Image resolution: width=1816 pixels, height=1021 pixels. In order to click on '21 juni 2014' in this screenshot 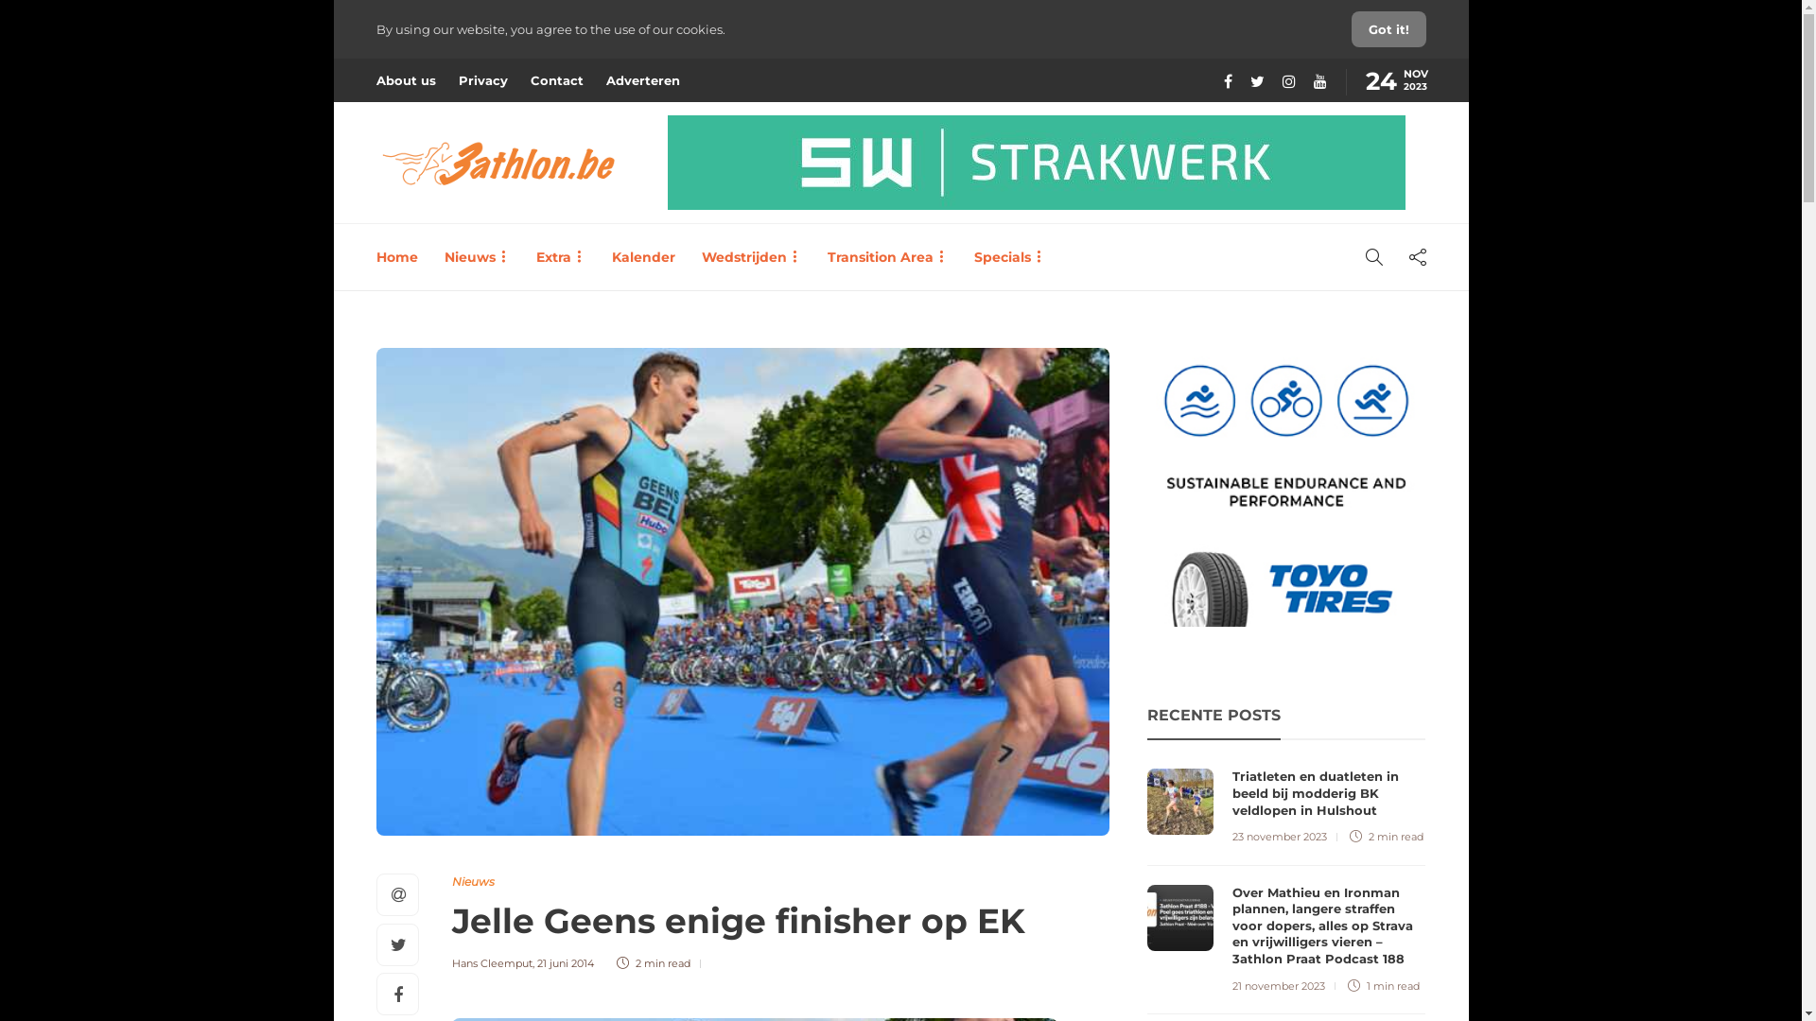, I will do `click(565, 962)`.